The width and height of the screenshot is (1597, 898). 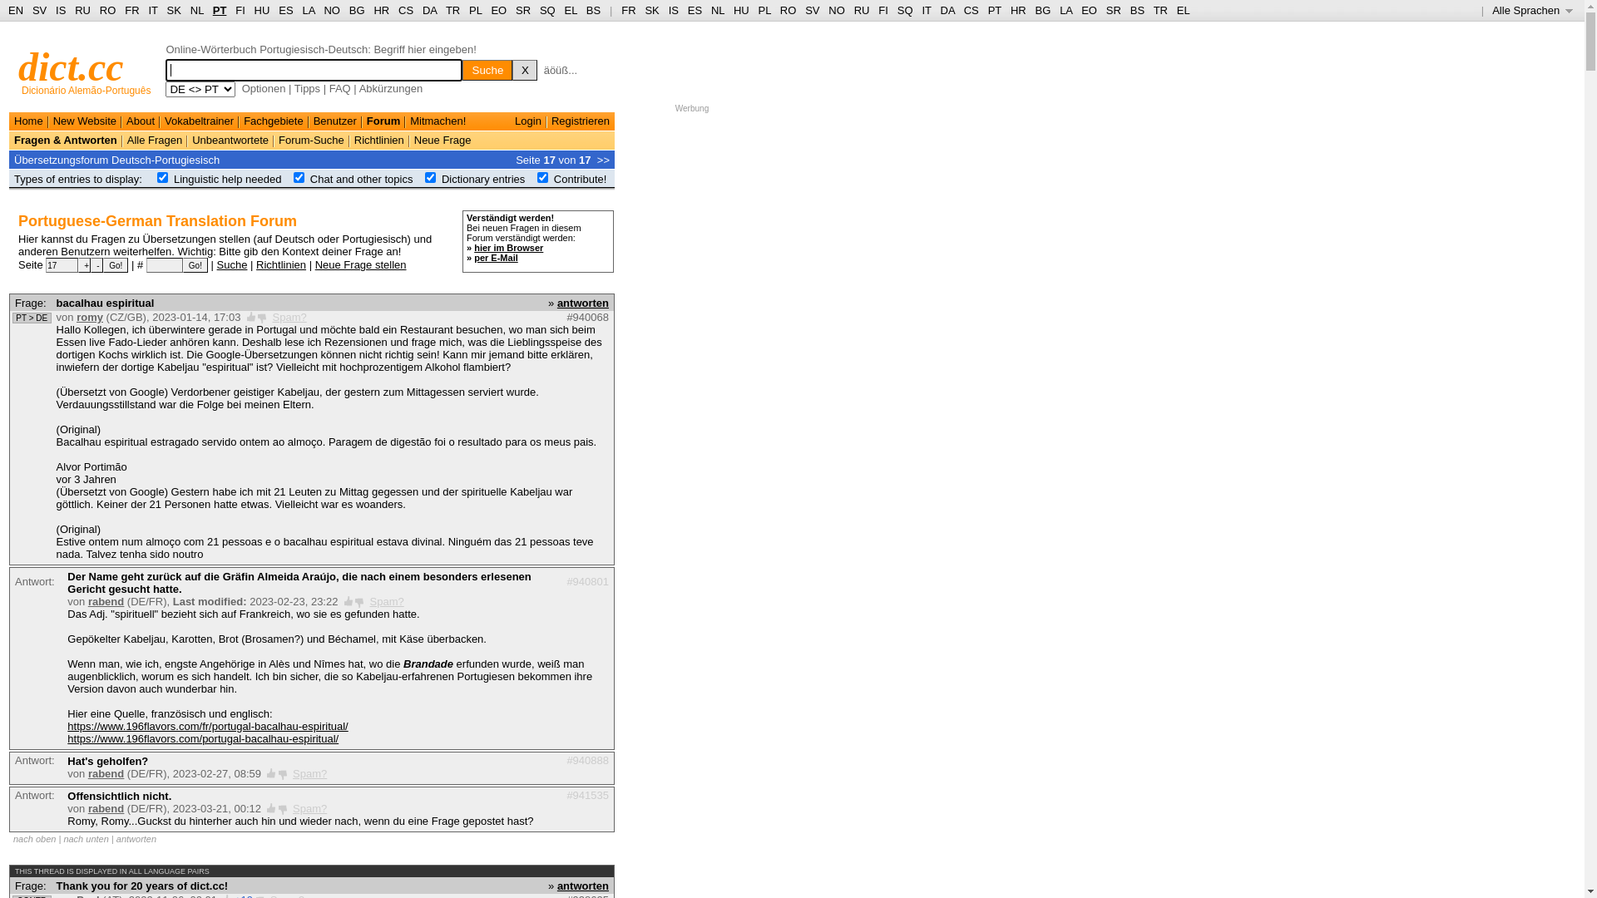 What do you see at coordinates (442, 179) in the screenshot?
I see `'Dictionary entries'` at bounding box center [442, 179].